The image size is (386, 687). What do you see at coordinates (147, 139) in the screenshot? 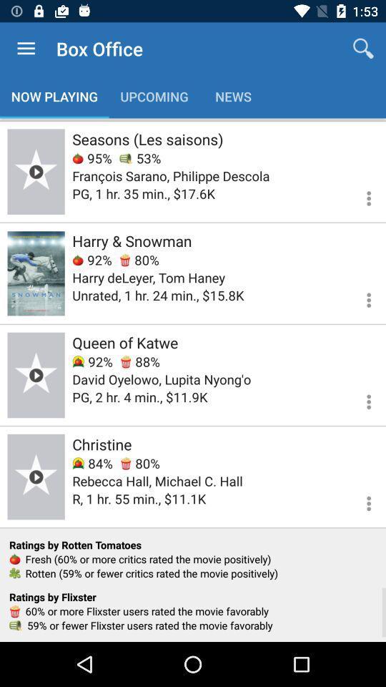
I see `the icon above the 95% icon` at bounding box center [147, 139].